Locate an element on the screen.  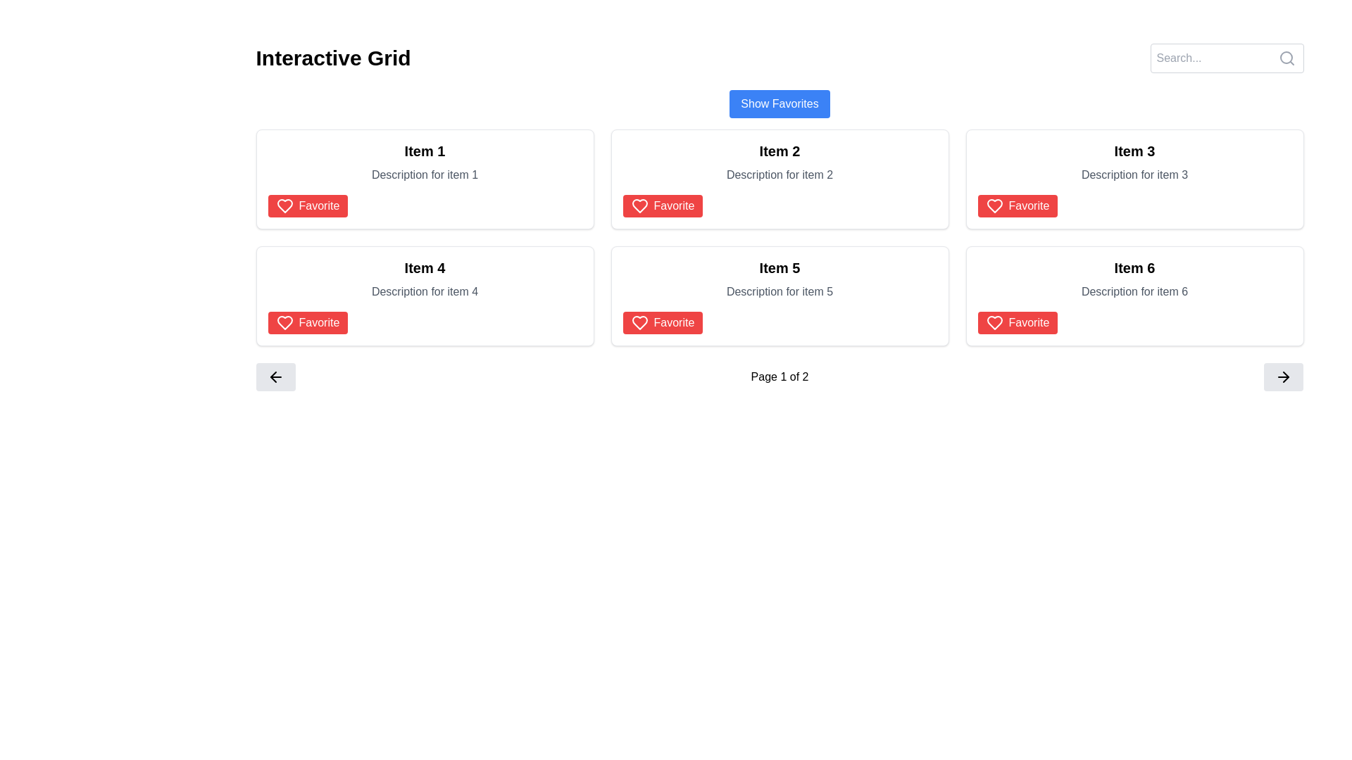
the heart-shaped icon with a red fill located inside the 'Favorite' button beneath the 'Item 5' card in the second row of the interactive grid layout is located at coordinates (639, 323).